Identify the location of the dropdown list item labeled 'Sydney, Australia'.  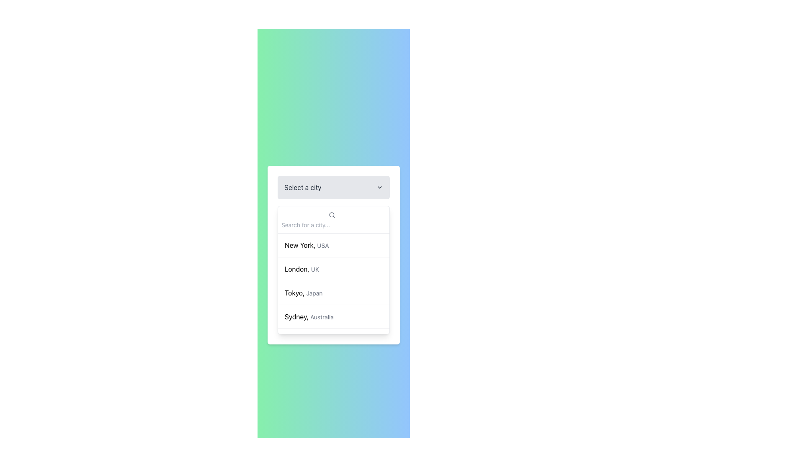
(309, 316).